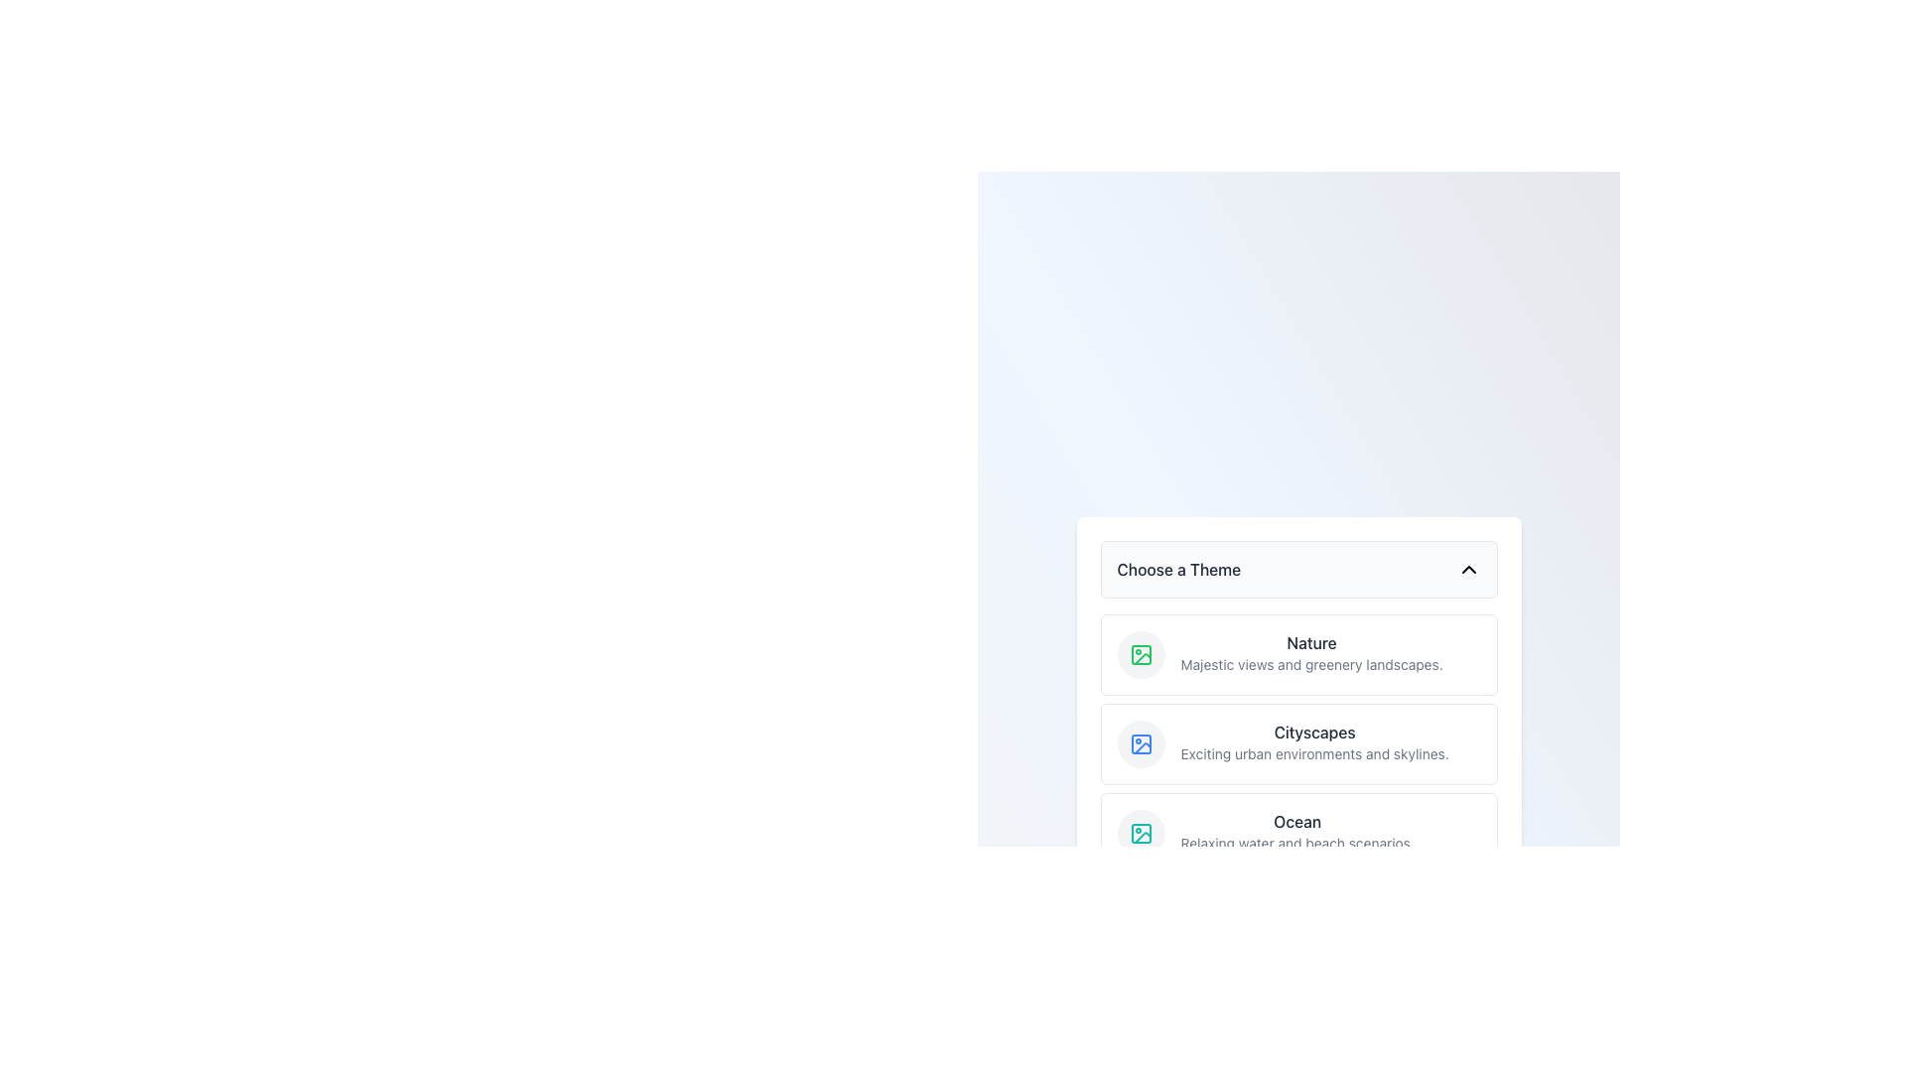  What do you see at coordinates (1141, 834) in the screenshot?
I see `the Decorative icon associated with the 'Ocean' theme located in the third row under the 'Choose a Theme' heading` at bounding box center [1141, 834].